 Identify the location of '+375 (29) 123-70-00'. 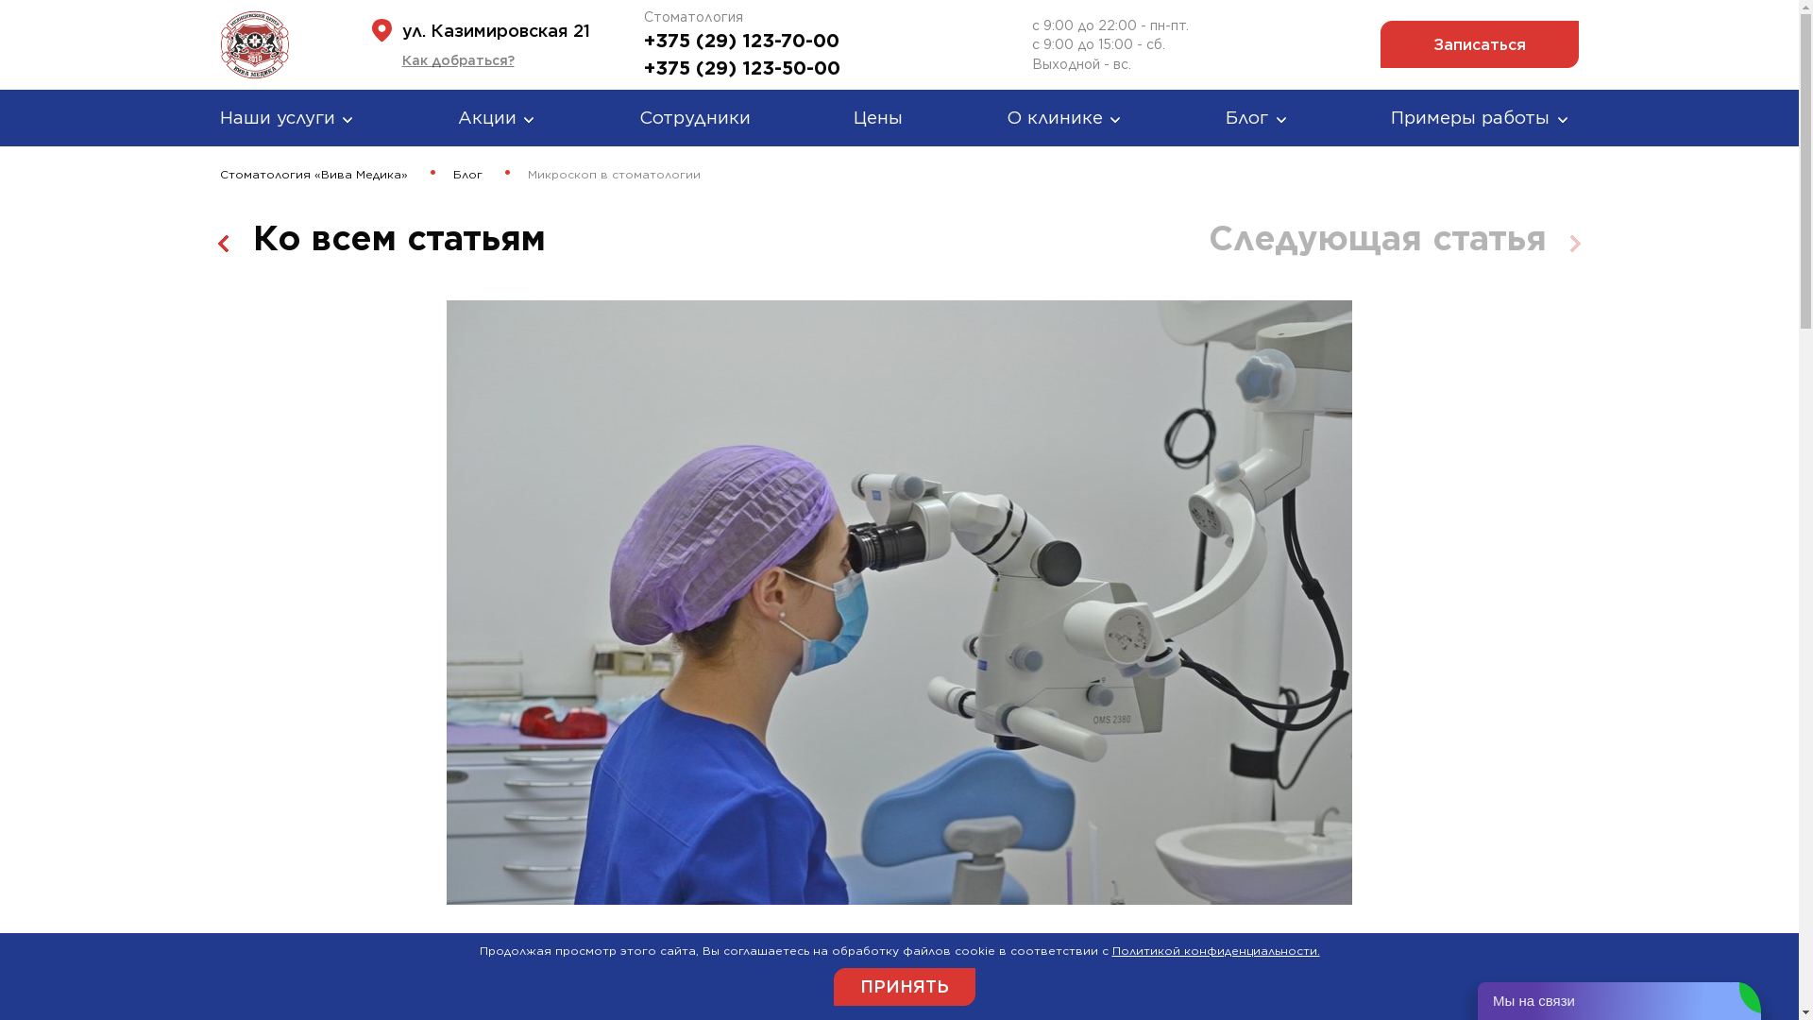
(643, 41).